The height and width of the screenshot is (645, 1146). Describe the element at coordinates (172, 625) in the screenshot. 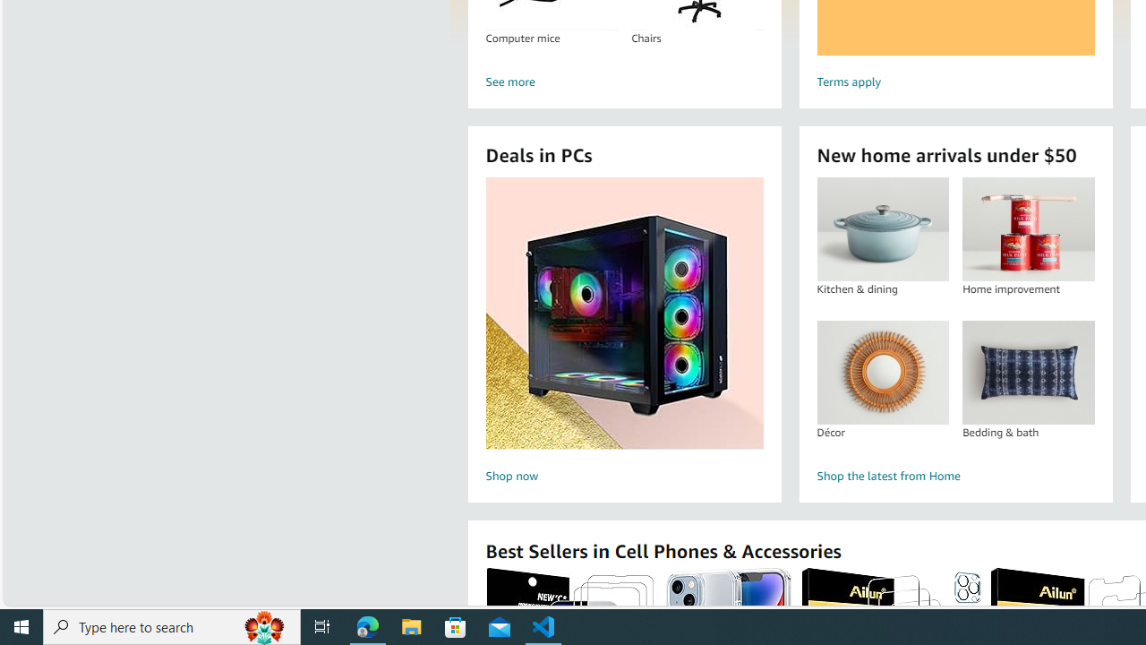

I see `'Type here to search'` at that location.